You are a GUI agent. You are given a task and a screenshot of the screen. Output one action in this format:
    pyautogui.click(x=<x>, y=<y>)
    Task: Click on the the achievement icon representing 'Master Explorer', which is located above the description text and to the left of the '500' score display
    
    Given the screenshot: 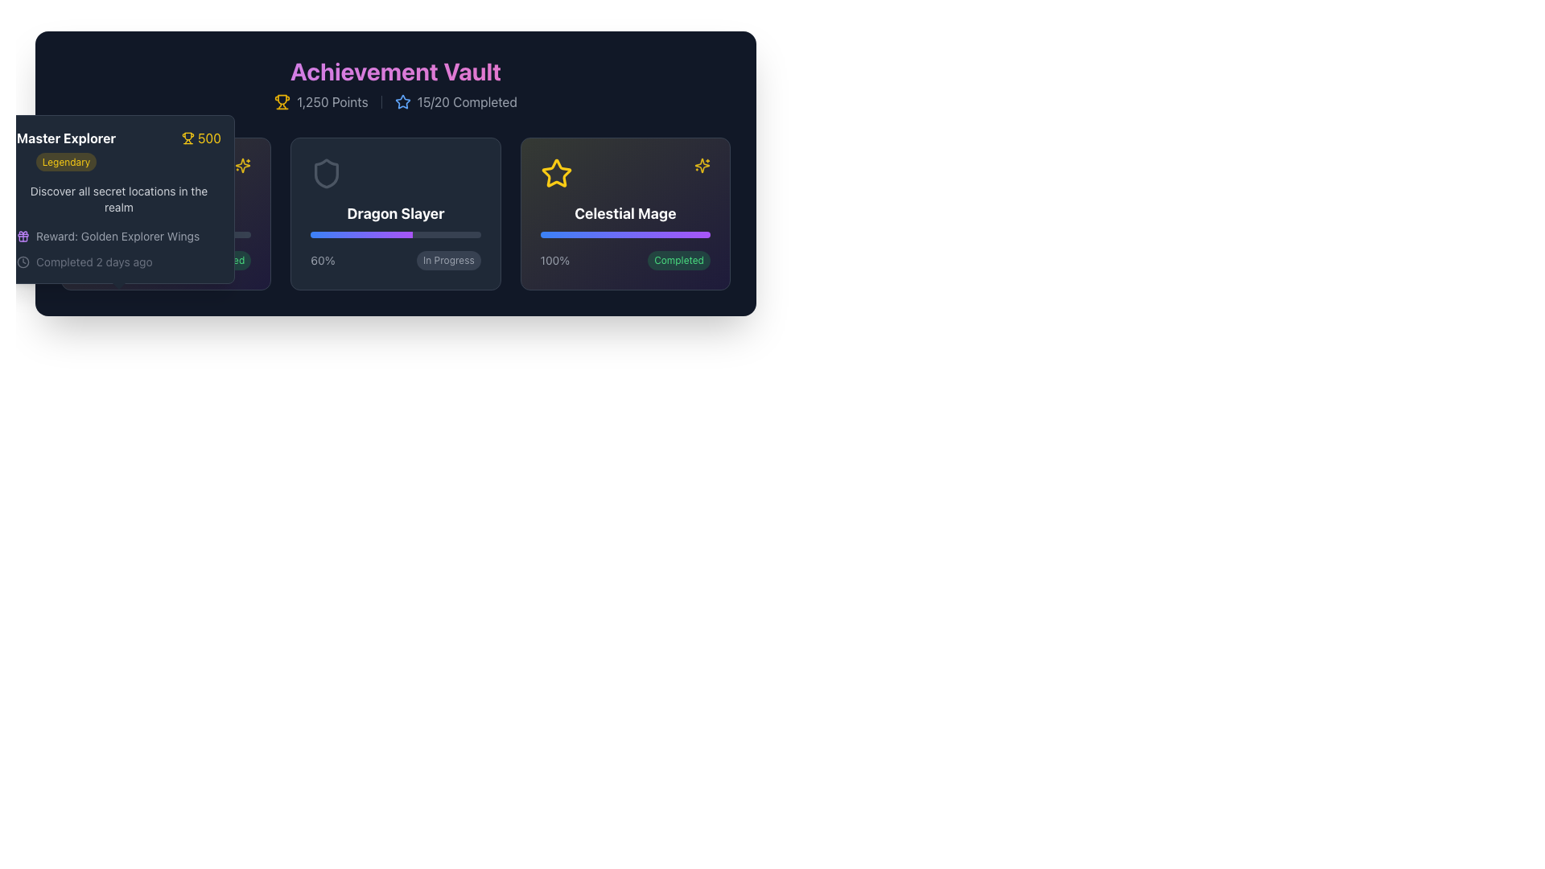 What is the action you would take?
    pyautogui.click(x=96, y=174)
    